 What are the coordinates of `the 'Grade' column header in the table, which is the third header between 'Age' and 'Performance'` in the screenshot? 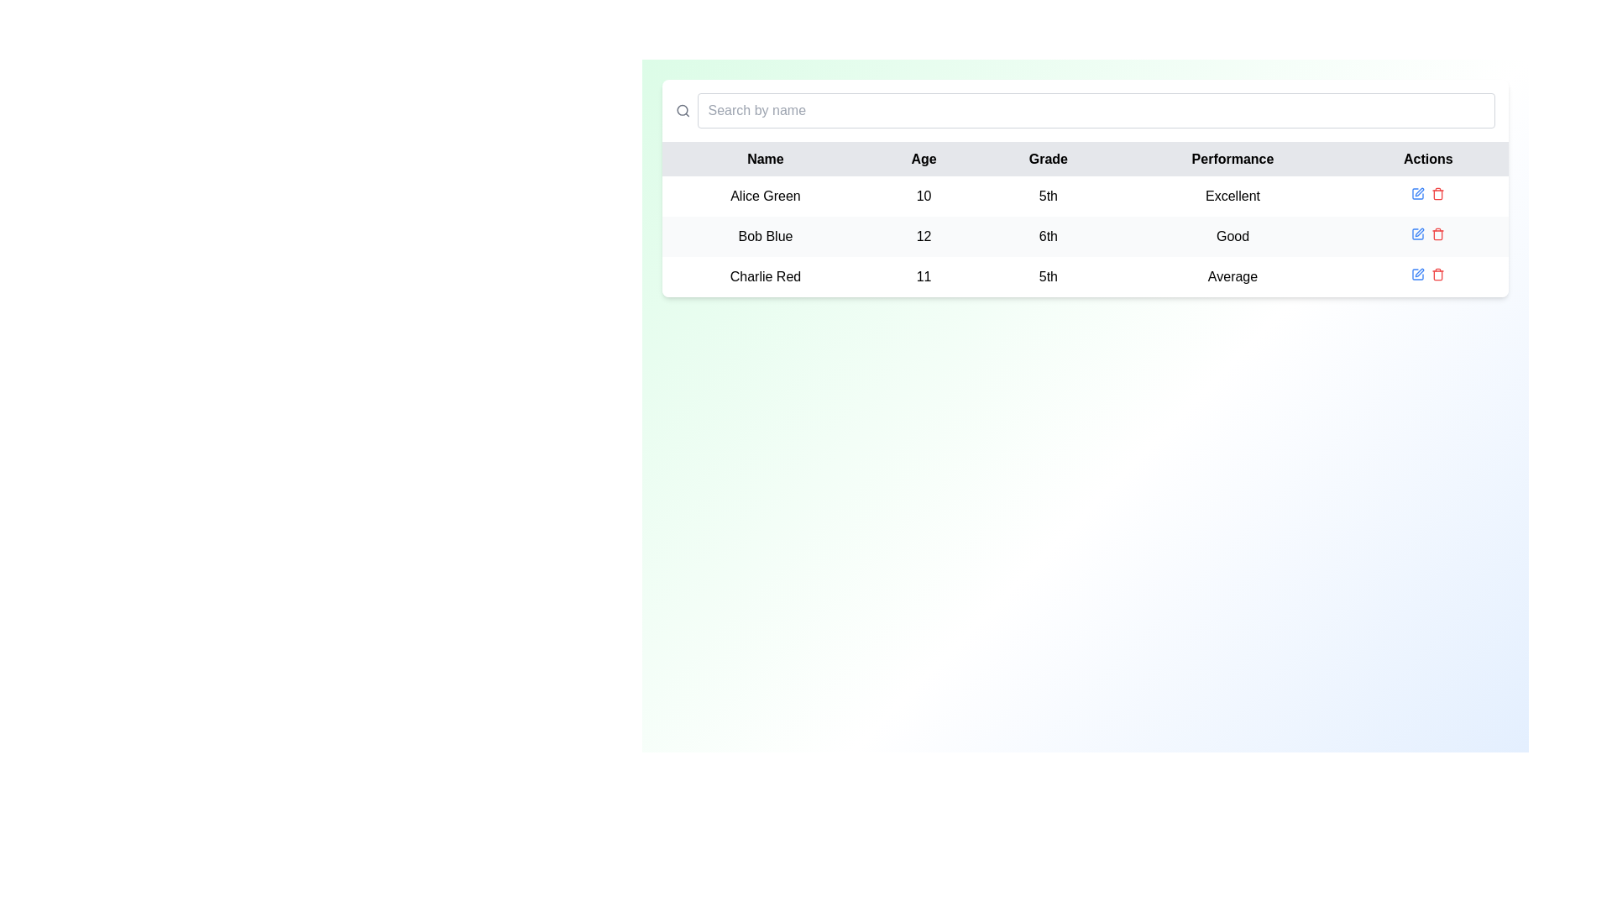 It's located at (1047, 159).